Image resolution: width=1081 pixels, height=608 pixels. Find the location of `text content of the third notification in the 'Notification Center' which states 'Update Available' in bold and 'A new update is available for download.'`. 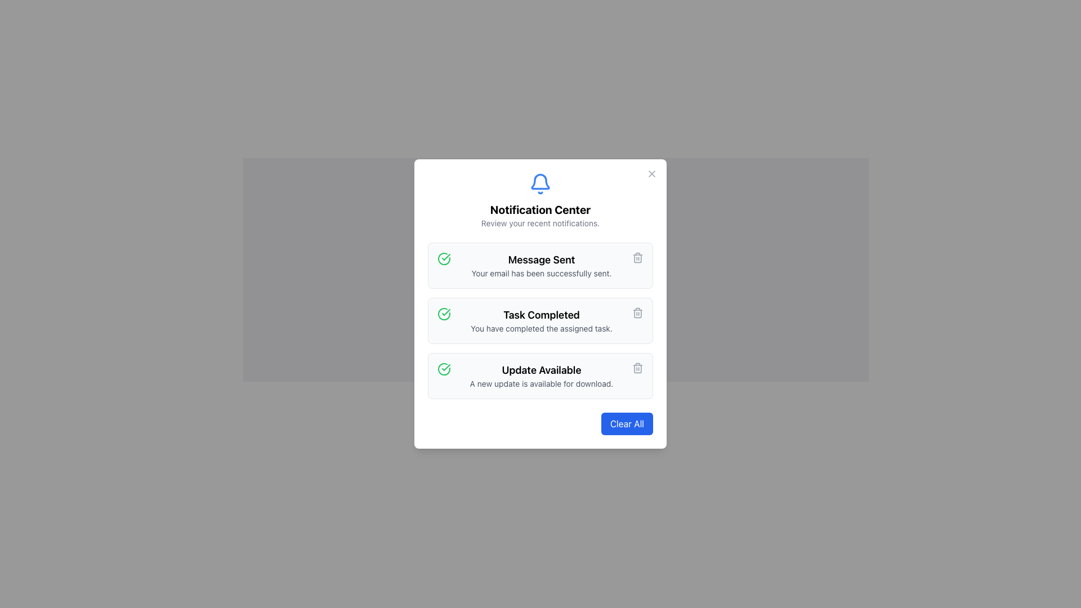

text content of the third notification in the 'Notification Center' which states 'Update Available' in bold and 'A new update is available for download.' is located at coordinates (541, 375).